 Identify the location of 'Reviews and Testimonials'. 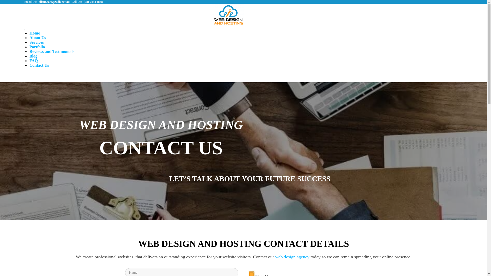
(52, 51).